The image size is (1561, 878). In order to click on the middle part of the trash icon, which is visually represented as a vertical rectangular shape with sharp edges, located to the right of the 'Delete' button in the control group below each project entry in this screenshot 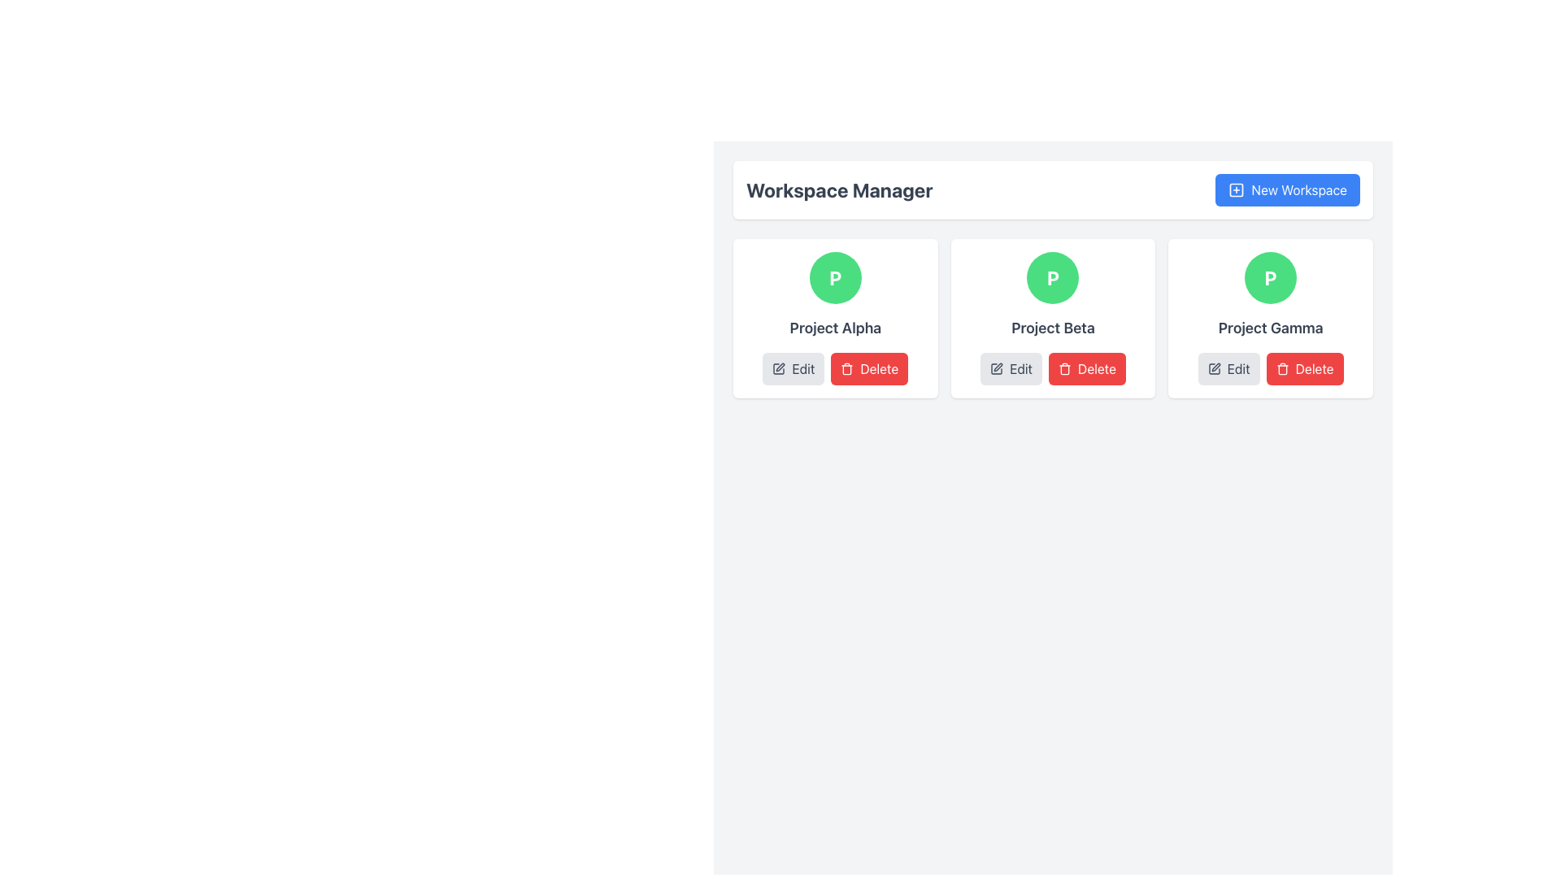, I will do `click(1065, 370)`.